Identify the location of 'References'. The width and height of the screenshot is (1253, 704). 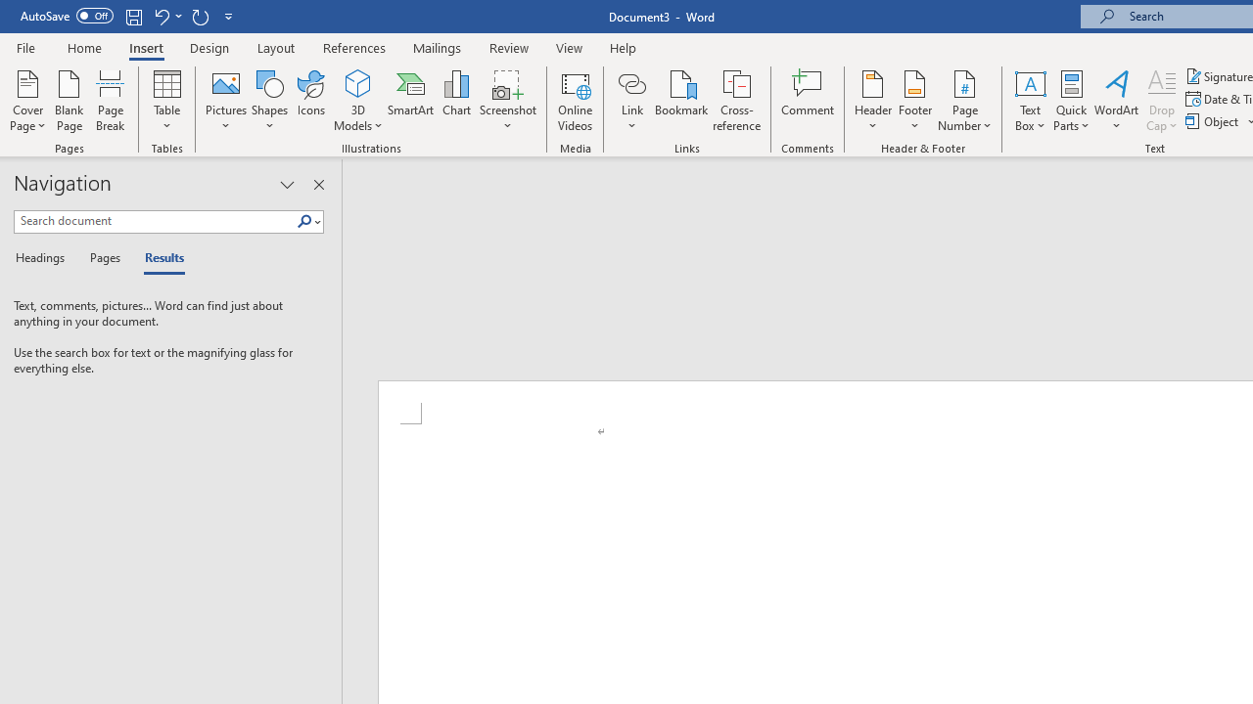
(354, 47).